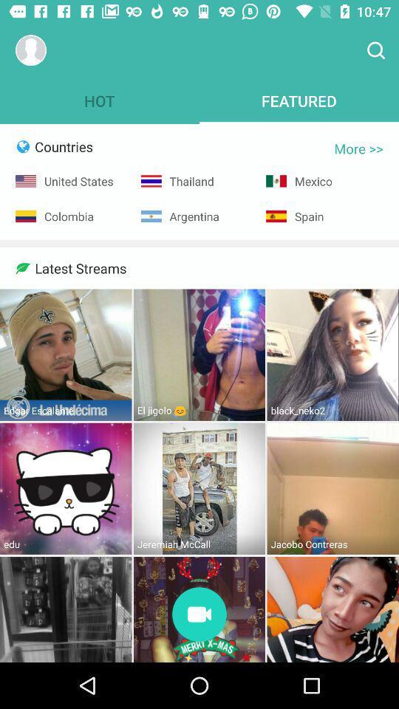 Image resolution: width=399 pixels, height=709 pixels. Describe the element at coordinates (199, 615) in the screenshot. I see `the videocam icon` at that location.